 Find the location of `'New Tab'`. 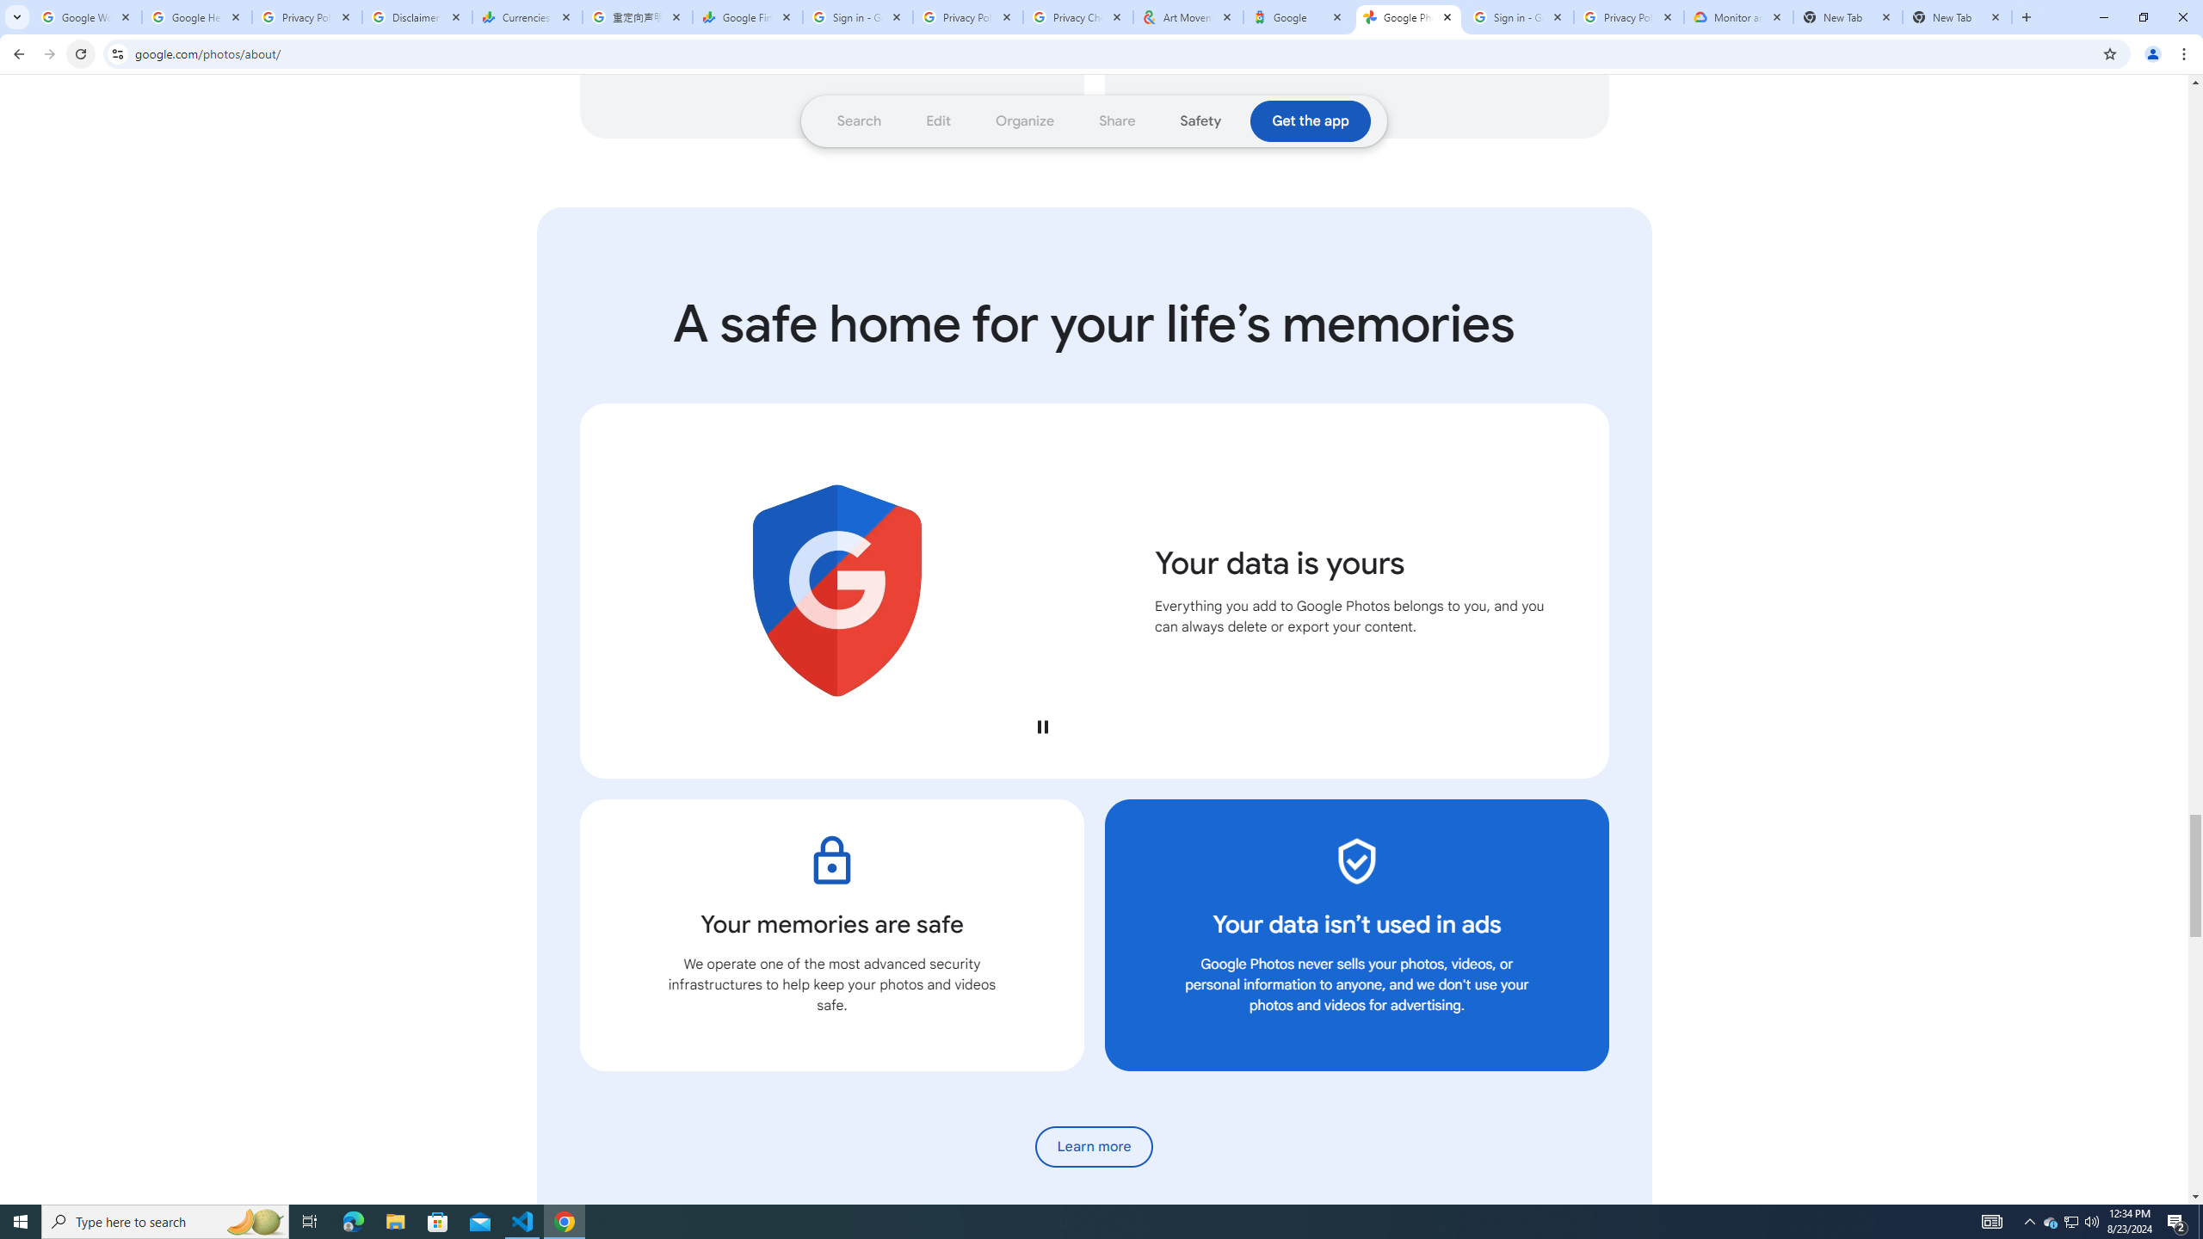

'New Tab' is located at coordinates (1957, 16).